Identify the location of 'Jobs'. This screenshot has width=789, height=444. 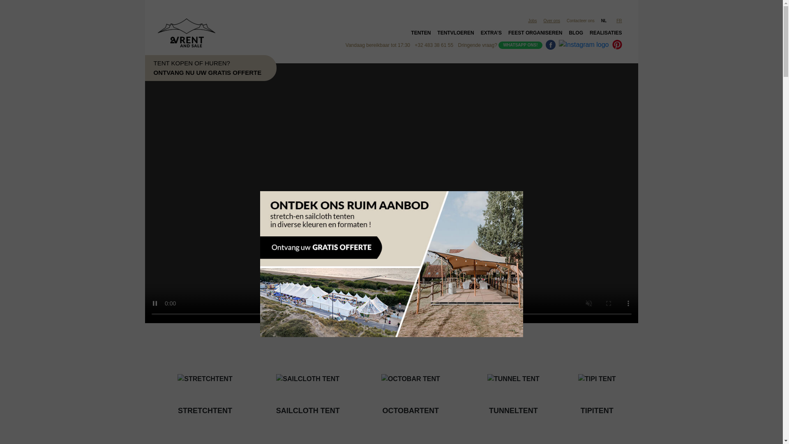
(532, 20).